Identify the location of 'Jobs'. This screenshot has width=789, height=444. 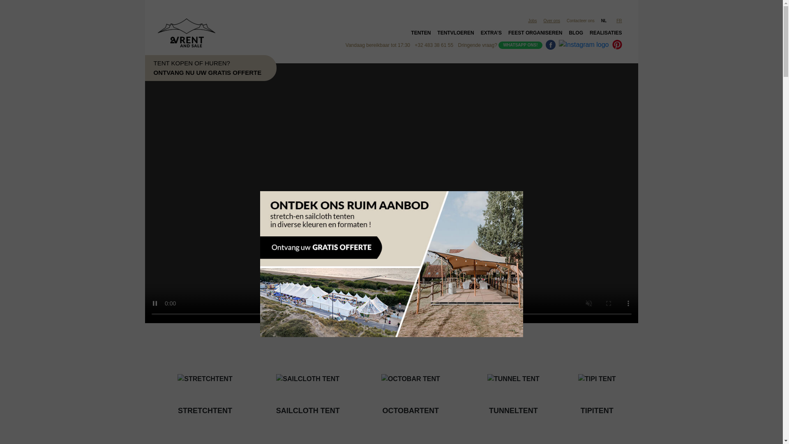
(532, 20).